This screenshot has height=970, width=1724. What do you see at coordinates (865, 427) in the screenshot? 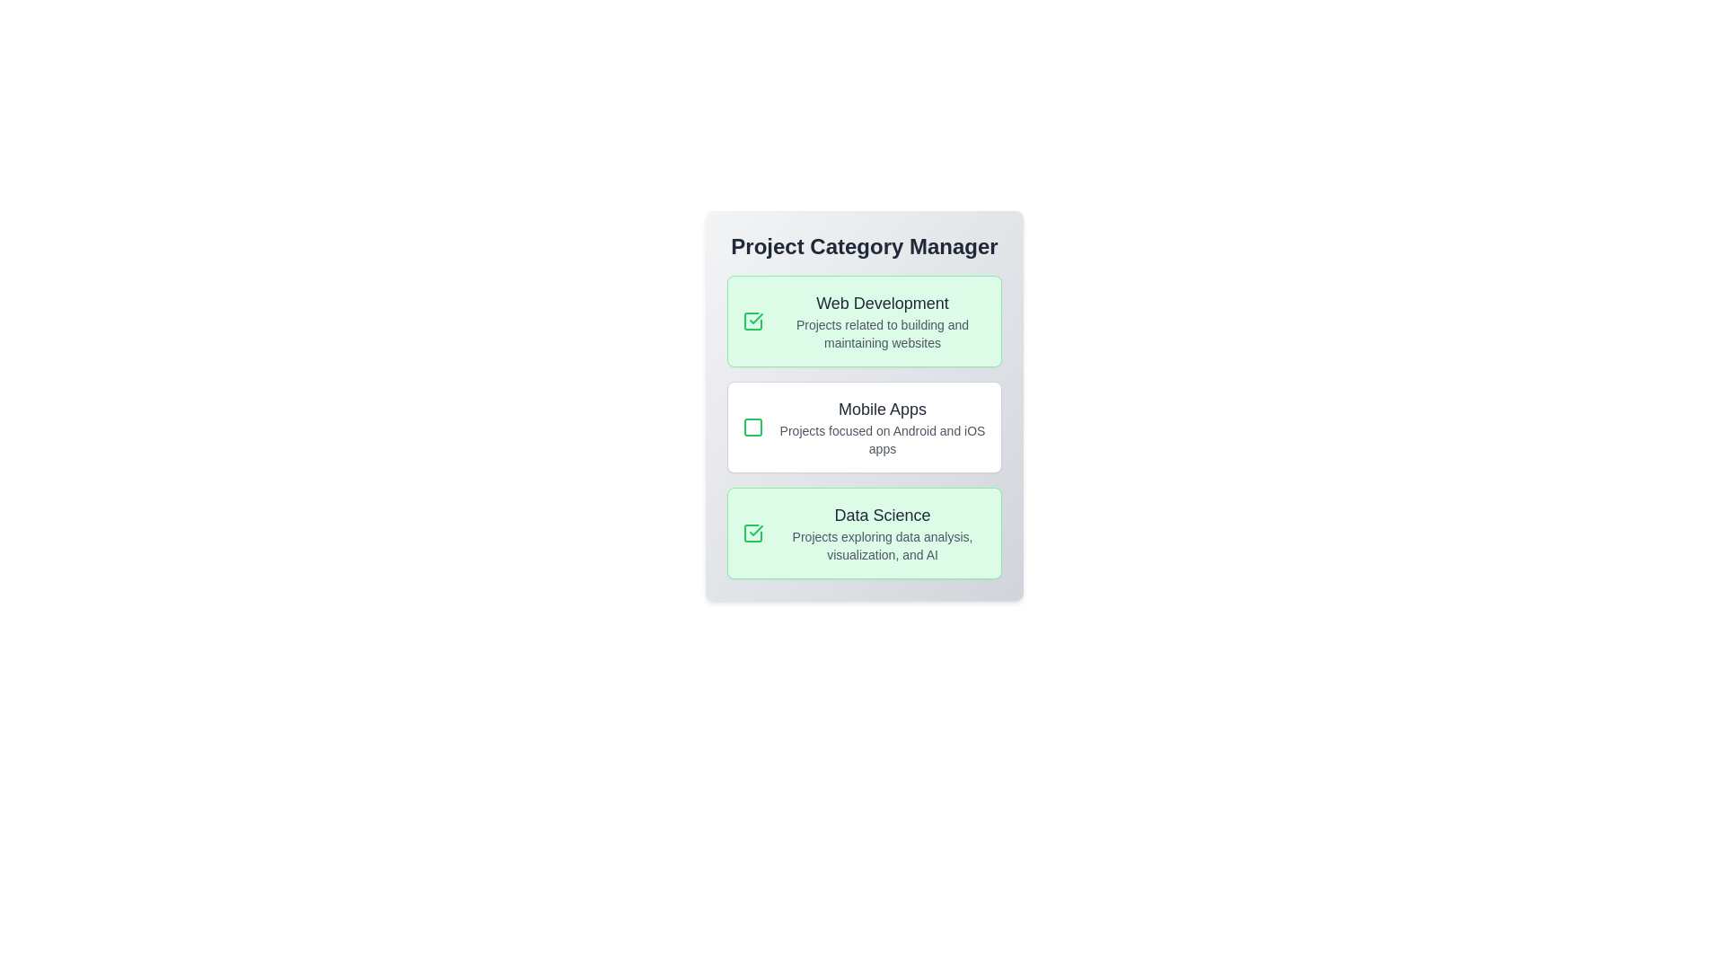
I see `the second category item in the 'Project Category Manager' section, which is related to mobile app development and includes a checkbox for selection` at bounding box center [865, 427].